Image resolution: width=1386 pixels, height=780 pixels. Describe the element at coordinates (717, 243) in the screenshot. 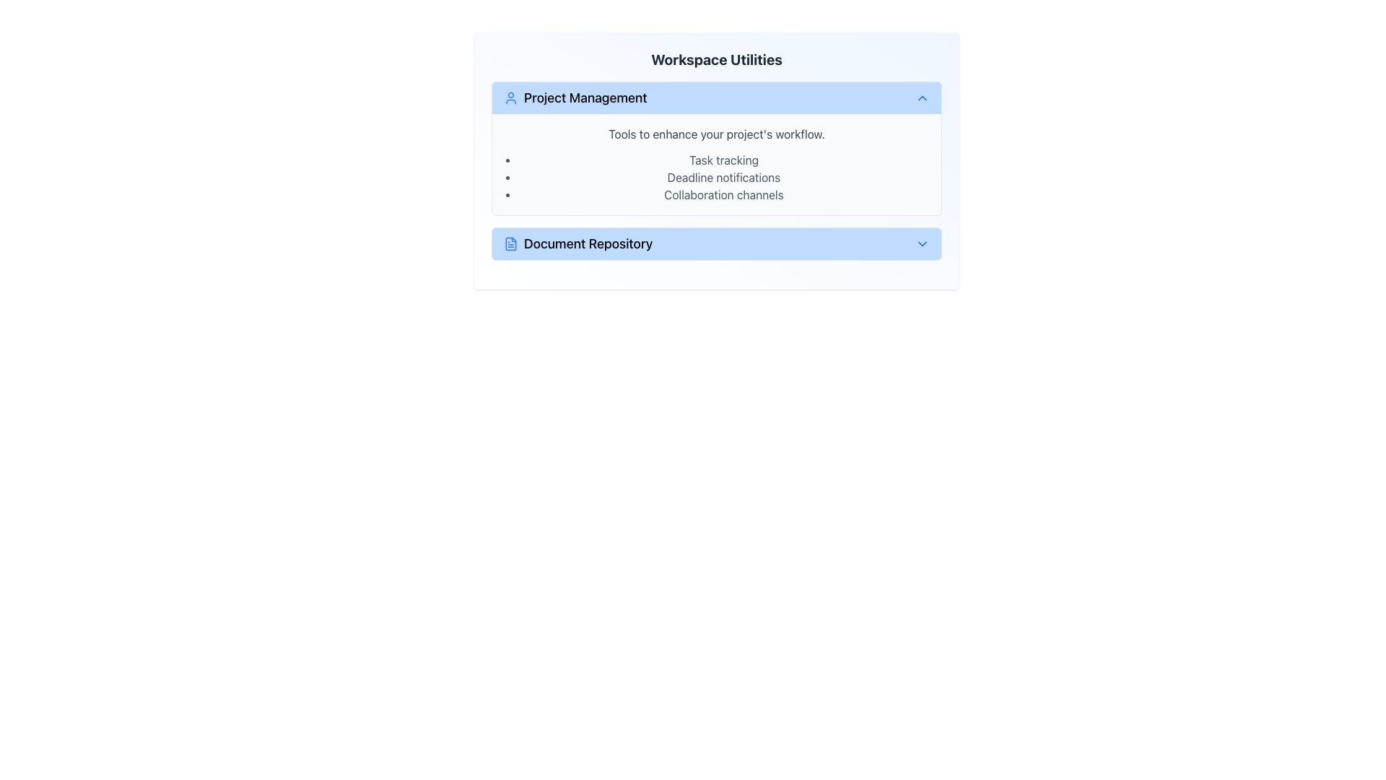

I see `the 'Document Repository' button with a blue background, which is located near the bottom of the 'Workspace Utilities' section, to change its background color` at that location.